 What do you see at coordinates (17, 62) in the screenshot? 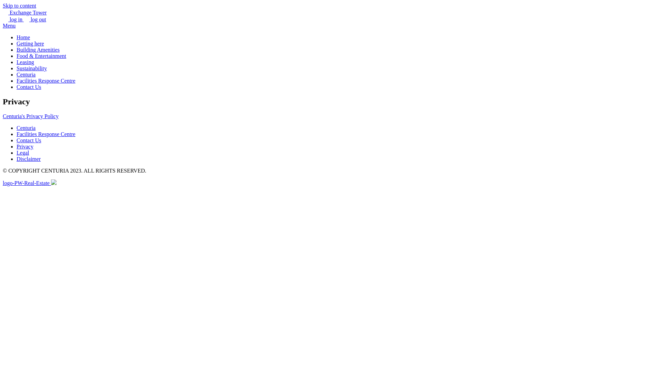
I see `'Leasing'` at bounding box center [17, 62].